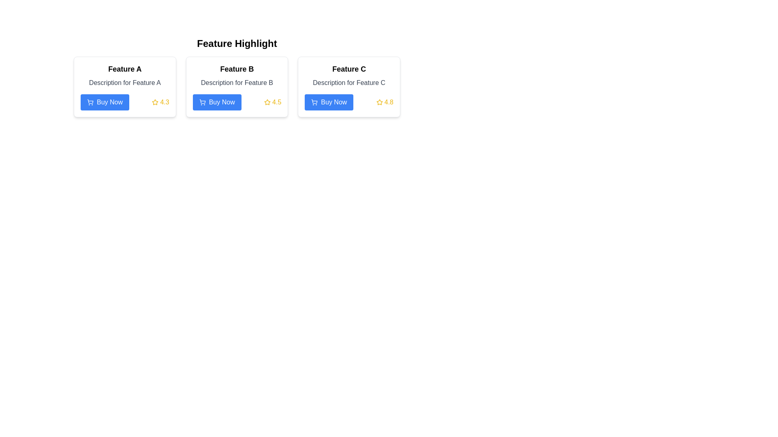 This screenshot has width=778, height=437. Describe the element at coordinates (124, 83) in the screenshot. I see `the descriptive text display for 'Feature A', which is located beneath its title and above the 'Buy Now' button` at that location.